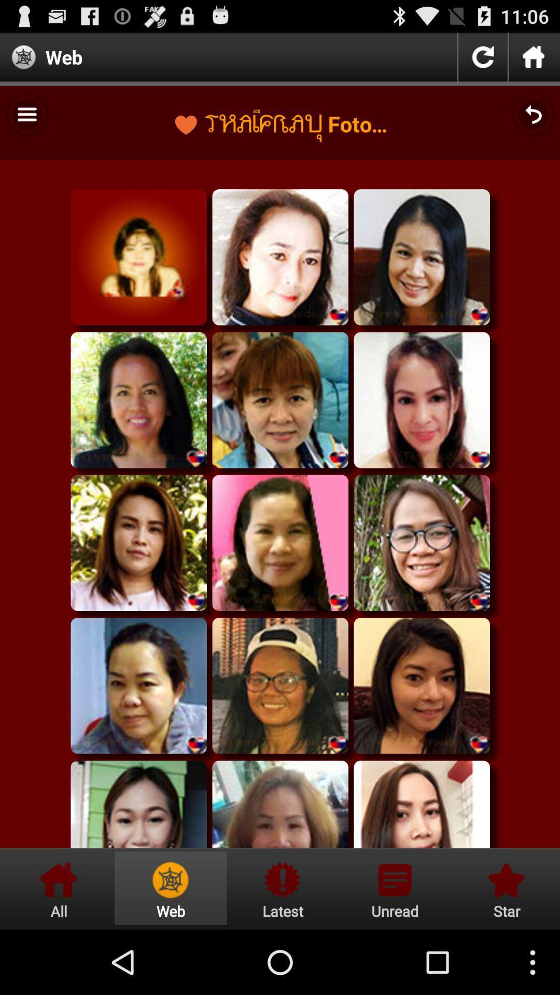  I want to click on refresh icon, so click(483, 56).